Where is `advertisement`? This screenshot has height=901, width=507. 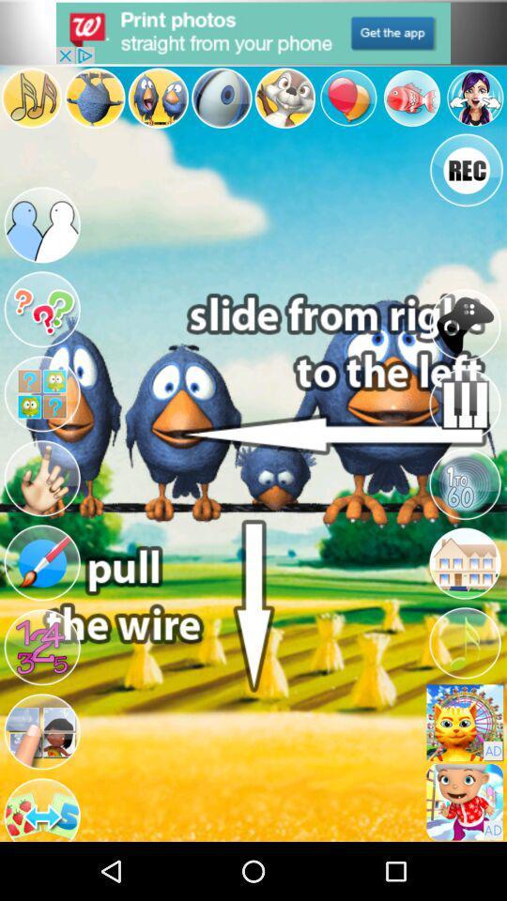 advertisement is located at coordinates (464, 801).